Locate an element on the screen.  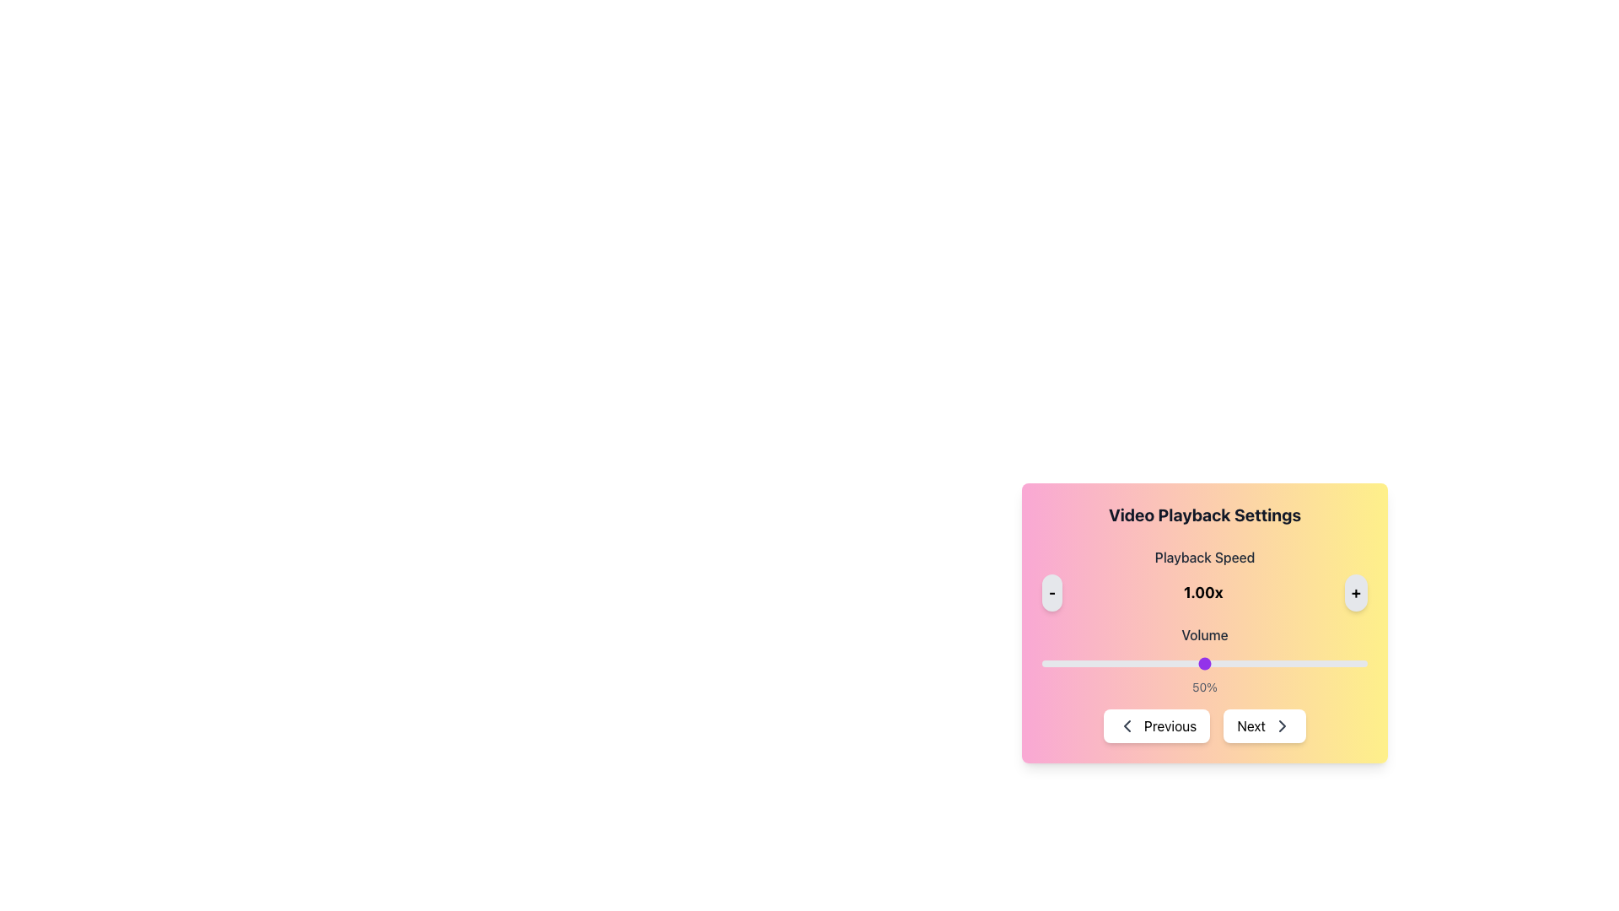
the volume slider is located at coordinates (1123, 662).